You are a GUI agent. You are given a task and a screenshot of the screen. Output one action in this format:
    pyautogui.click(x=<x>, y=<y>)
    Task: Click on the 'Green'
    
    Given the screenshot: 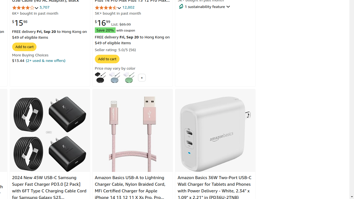 What is the action you would take?
    pyautogui.click(x=129, y=77)
    